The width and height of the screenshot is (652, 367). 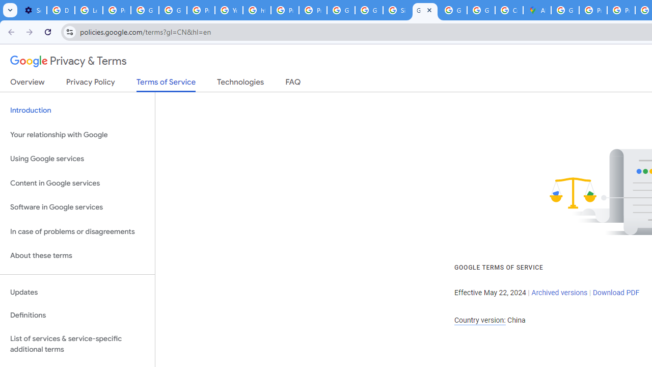 What do you see at coordinates (89, 10) in the screenshot?
I see `'Learn how to find your photos - Google Photos Help'` at bounding box center [89, 10].